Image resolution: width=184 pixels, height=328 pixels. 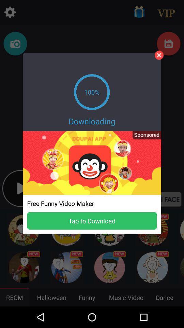 I want to click on the icon above the tap to download icon, so click(x=144, y=137).